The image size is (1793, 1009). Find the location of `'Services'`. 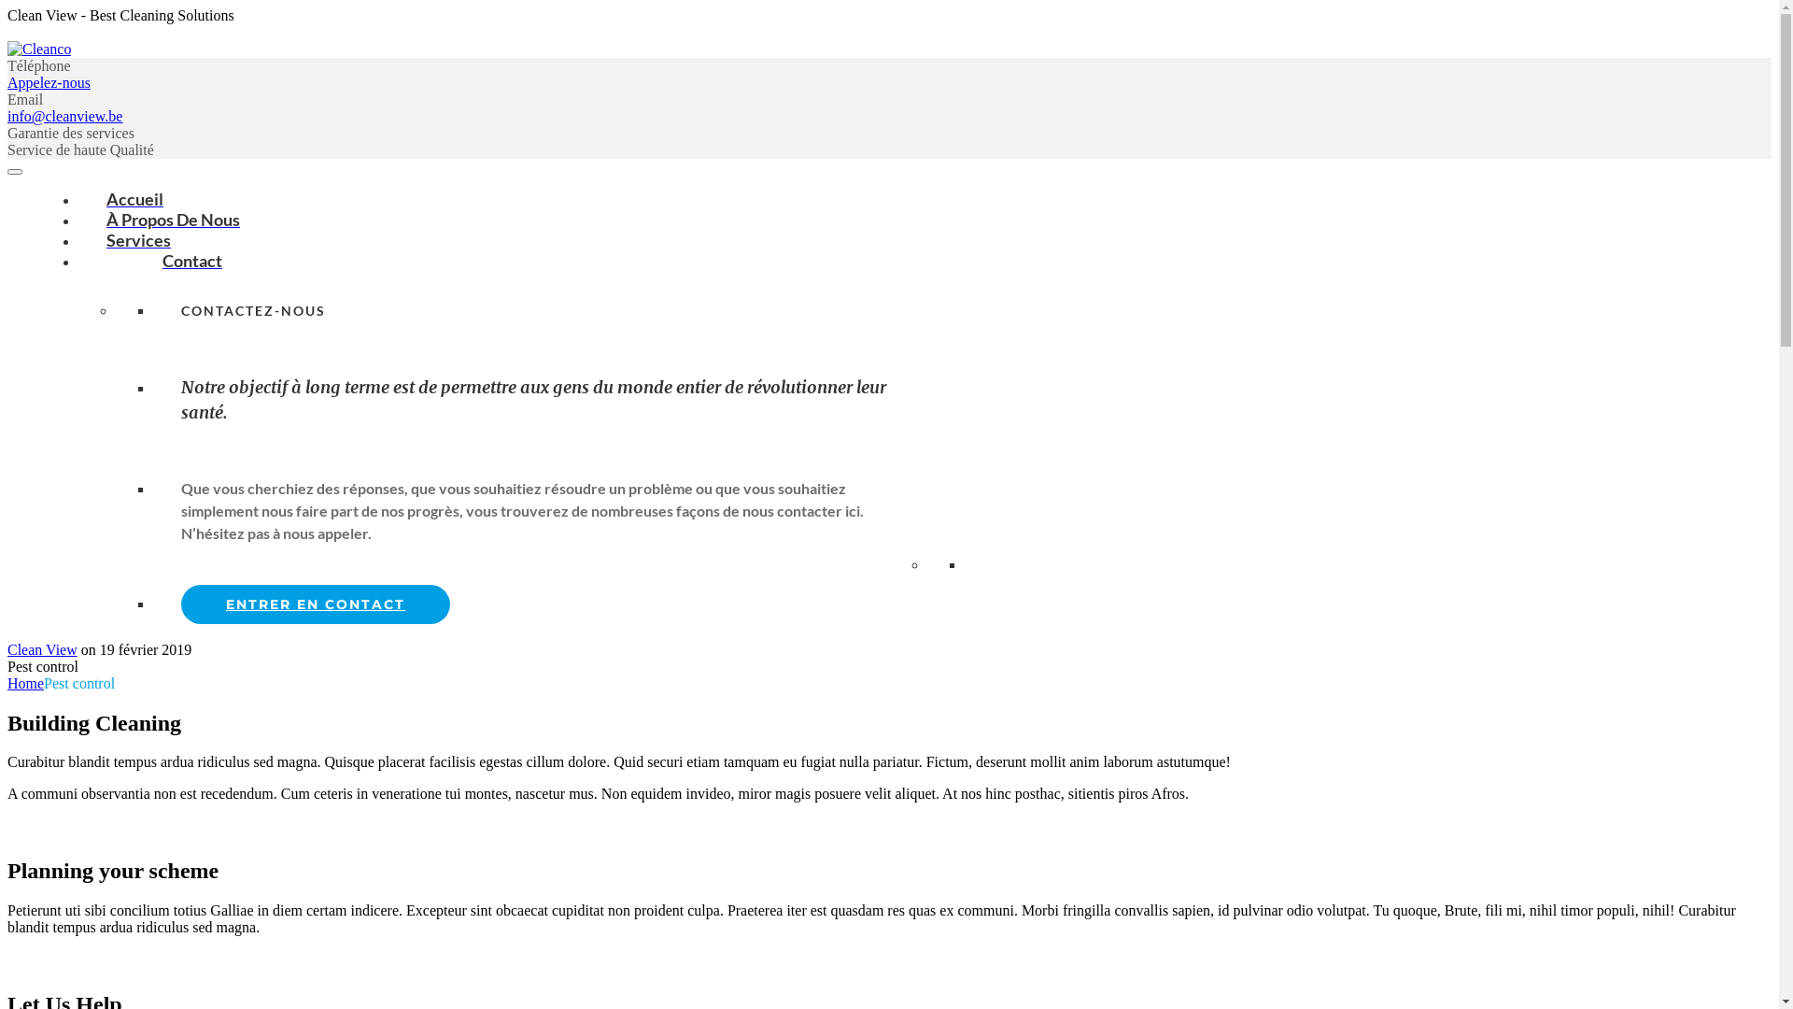

'Services' is located at coordinates (137, 239).